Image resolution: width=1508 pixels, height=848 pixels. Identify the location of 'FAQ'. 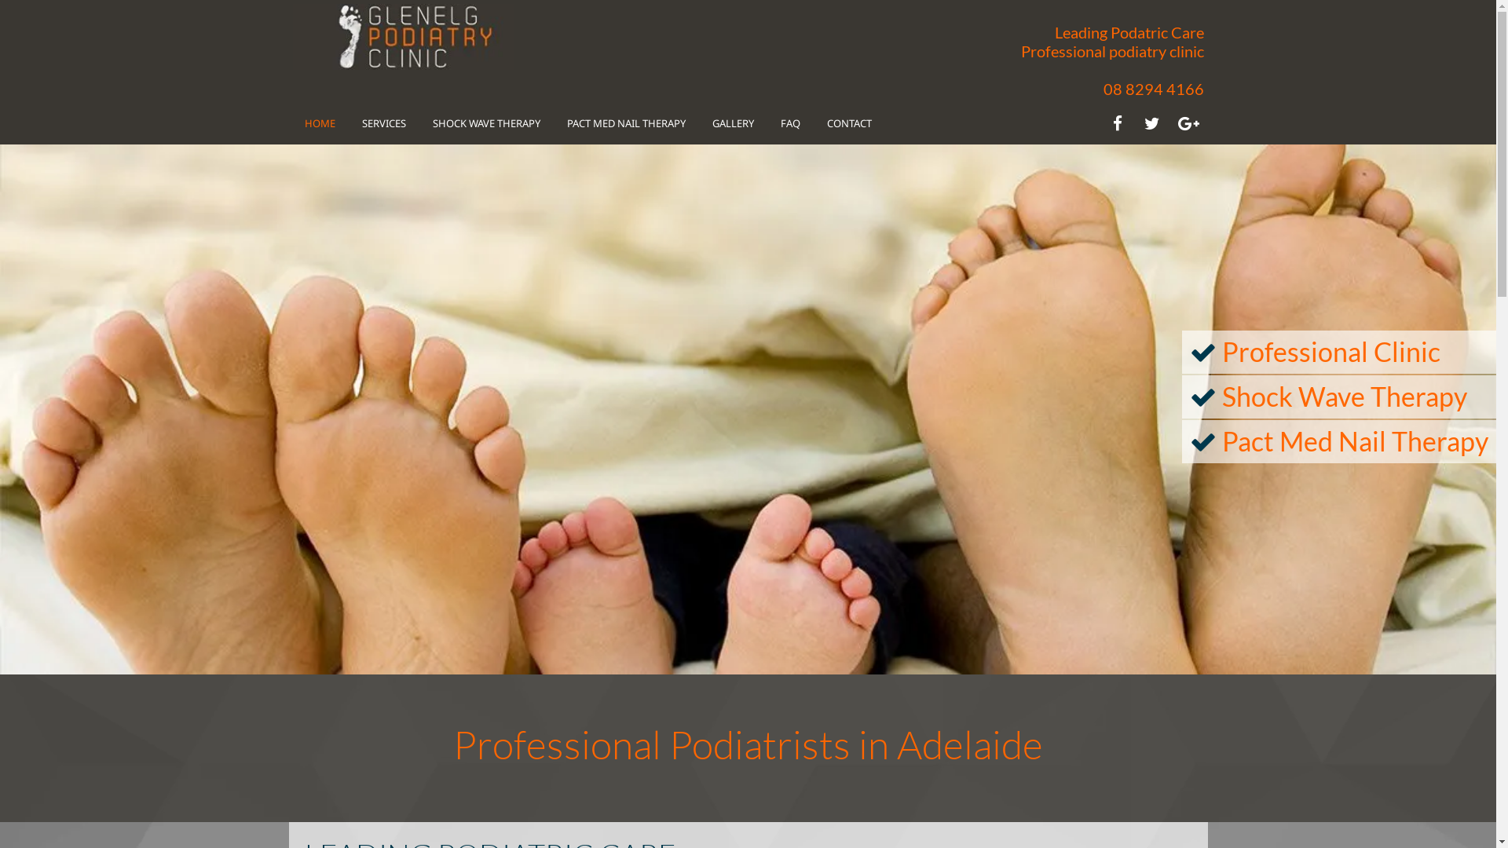
(780, 122).